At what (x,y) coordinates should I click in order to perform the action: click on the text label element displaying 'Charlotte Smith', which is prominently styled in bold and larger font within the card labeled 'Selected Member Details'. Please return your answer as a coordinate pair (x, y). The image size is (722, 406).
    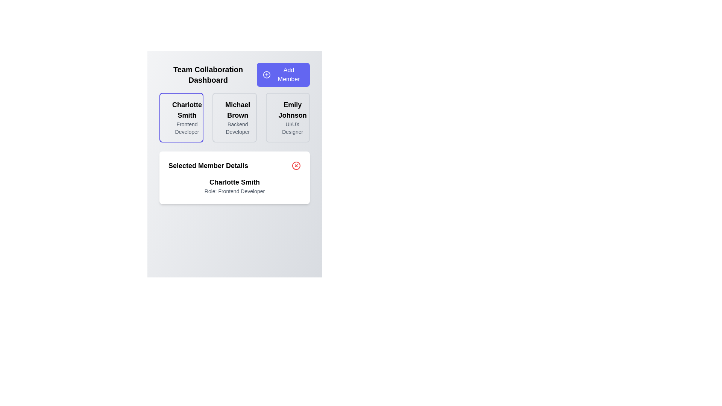
    Looking at the image, I should click on (234, 182).